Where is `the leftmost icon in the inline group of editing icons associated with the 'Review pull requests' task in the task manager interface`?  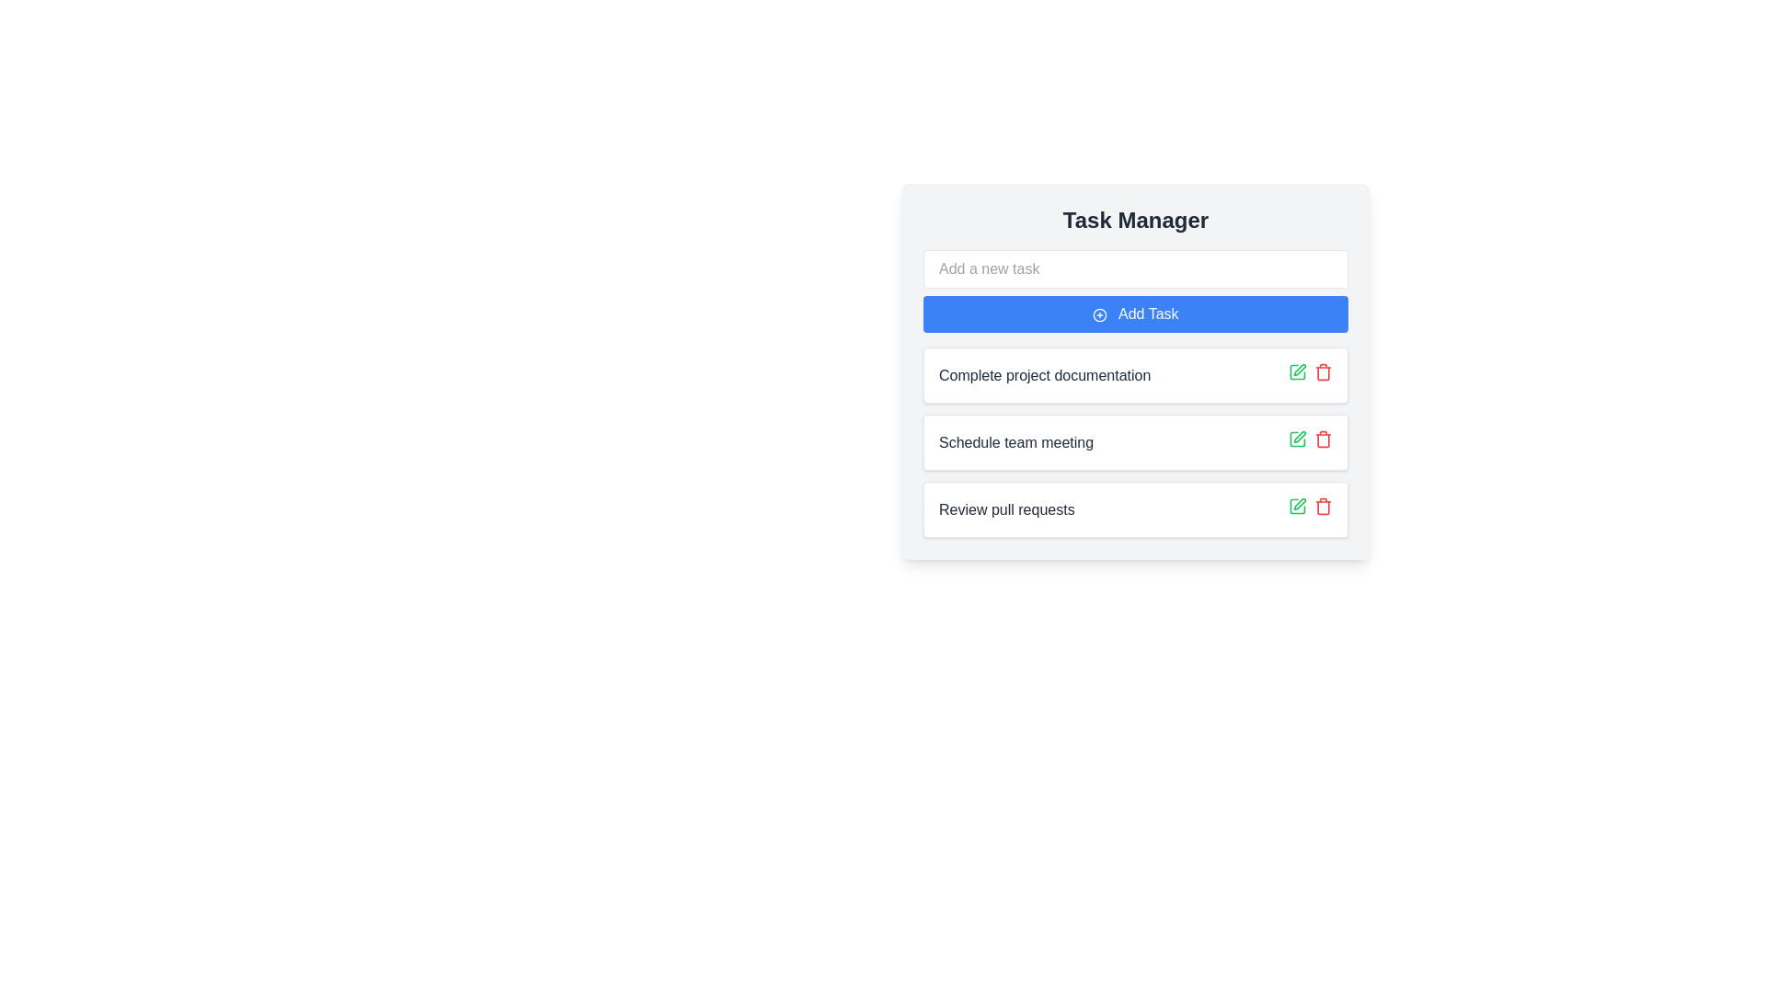
the leftmost icon in the inline group of editing icons associated with the 'Review pull requests' task in the task manager interface is located at coordinates (1297, 507).